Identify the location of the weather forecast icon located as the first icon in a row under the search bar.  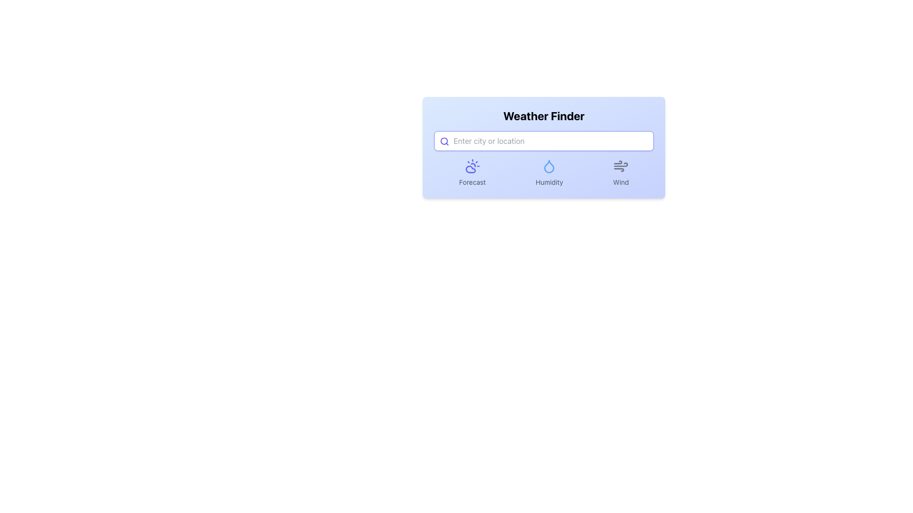
(472, 166).